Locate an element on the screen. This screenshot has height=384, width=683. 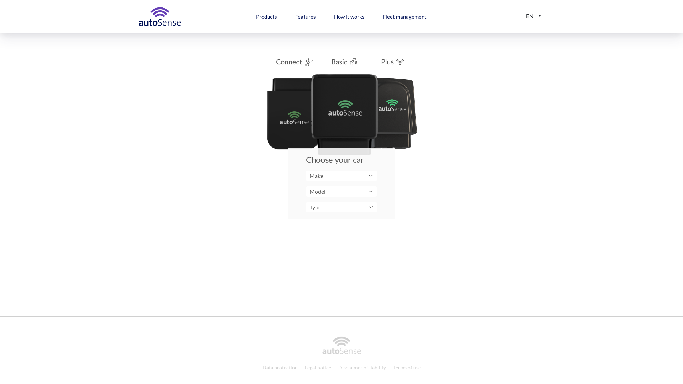
'Terms of use' is located at coordinates (406, 367).